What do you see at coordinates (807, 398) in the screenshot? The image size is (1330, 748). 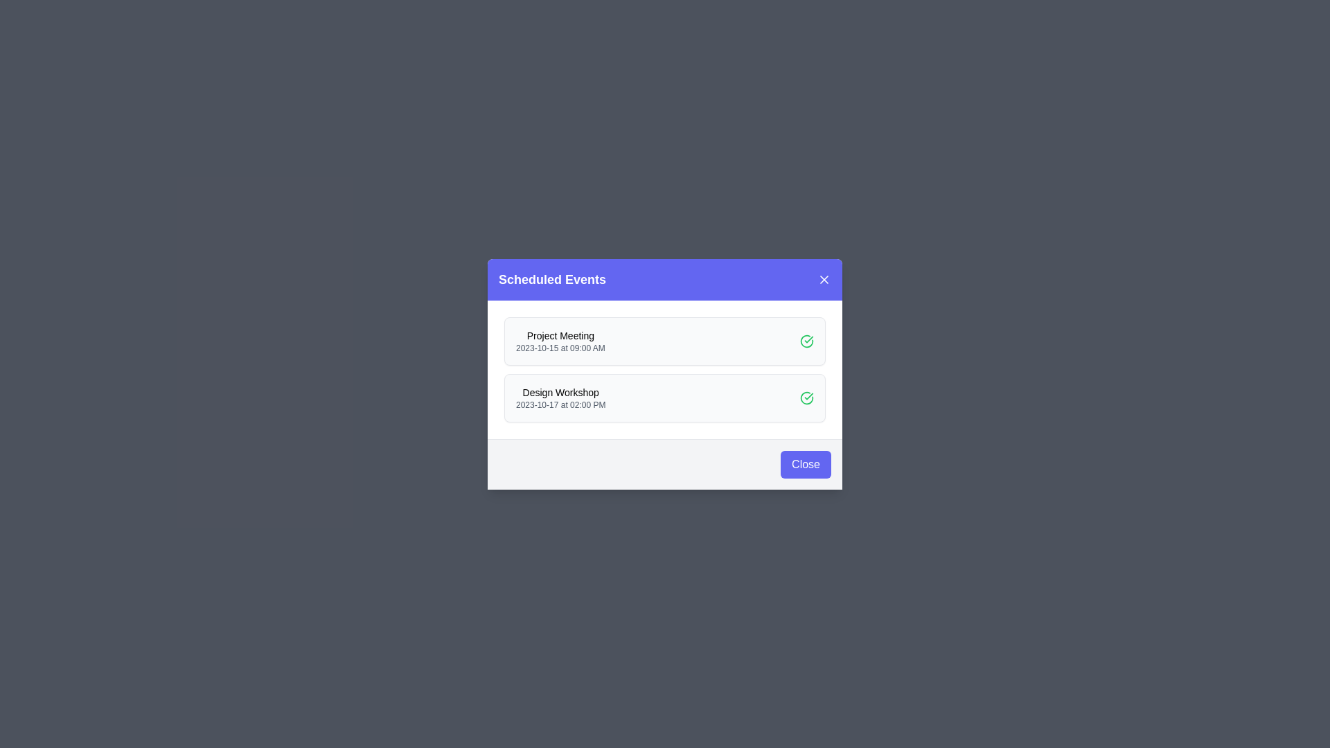 I see `the circular icon representing the checkmark for the 'Project Meeting' to indicate it as scheduled or completed` at bounding box center [807, 398].